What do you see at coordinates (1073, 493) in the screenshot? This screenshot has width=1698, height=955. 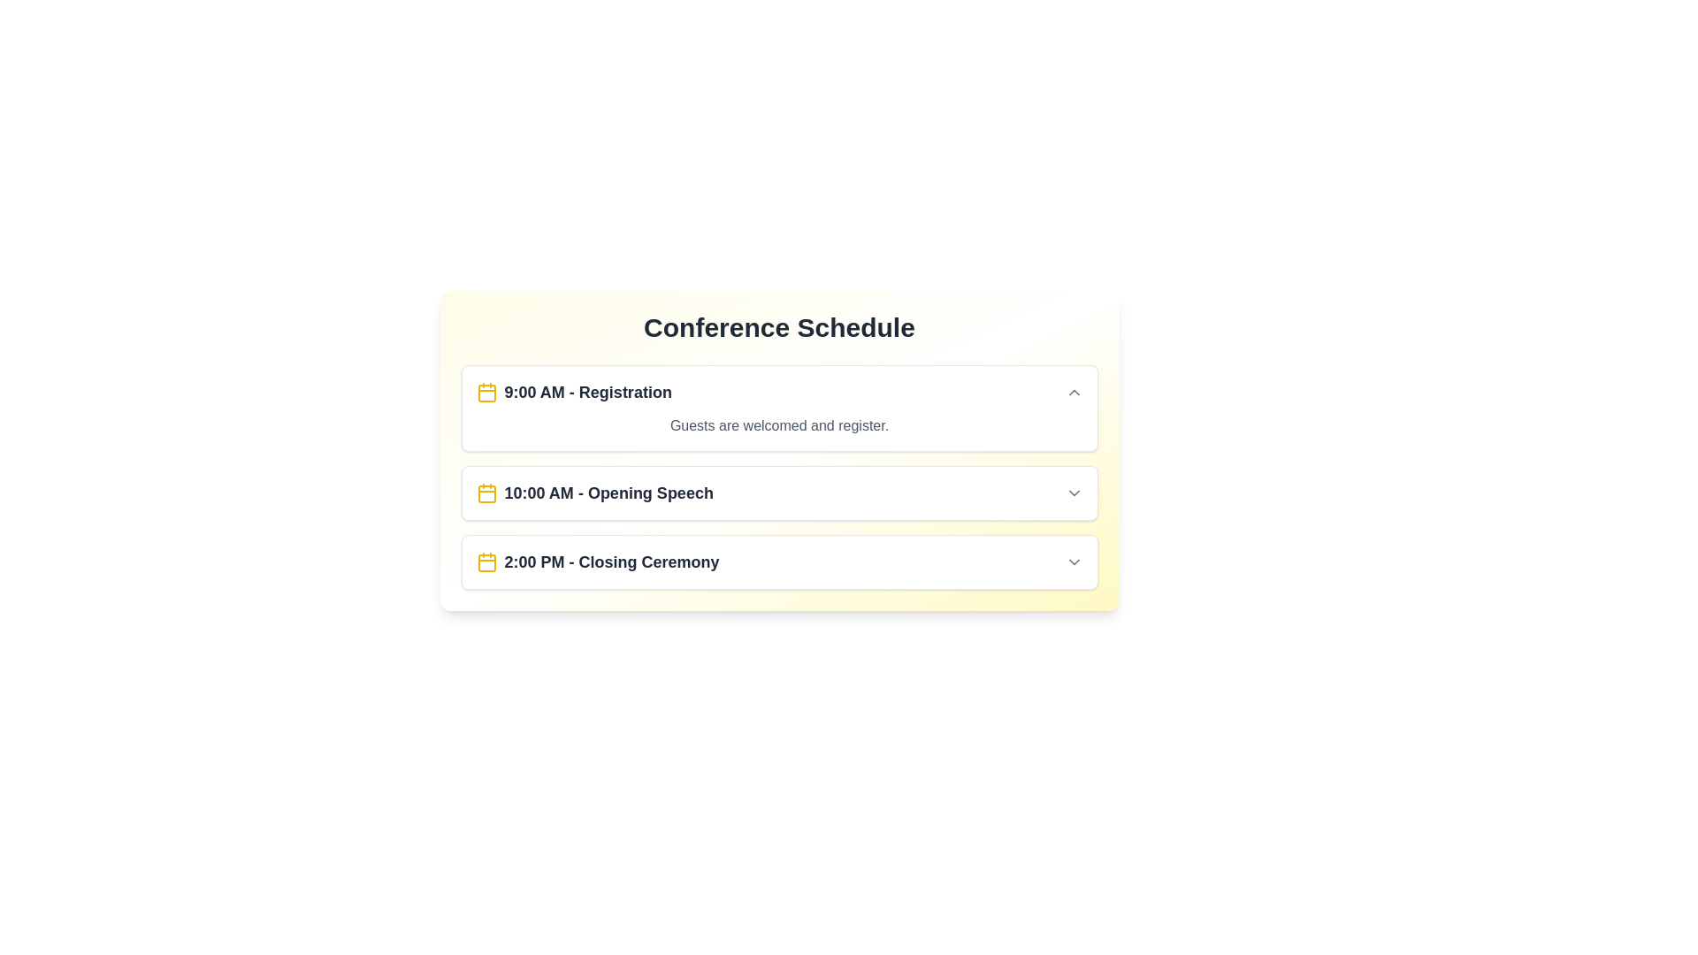 I see `the downward-facing chevron icon at the far right of the row containing '10:00 AM - Opening Speech'` at bounding box center [1073, 493].